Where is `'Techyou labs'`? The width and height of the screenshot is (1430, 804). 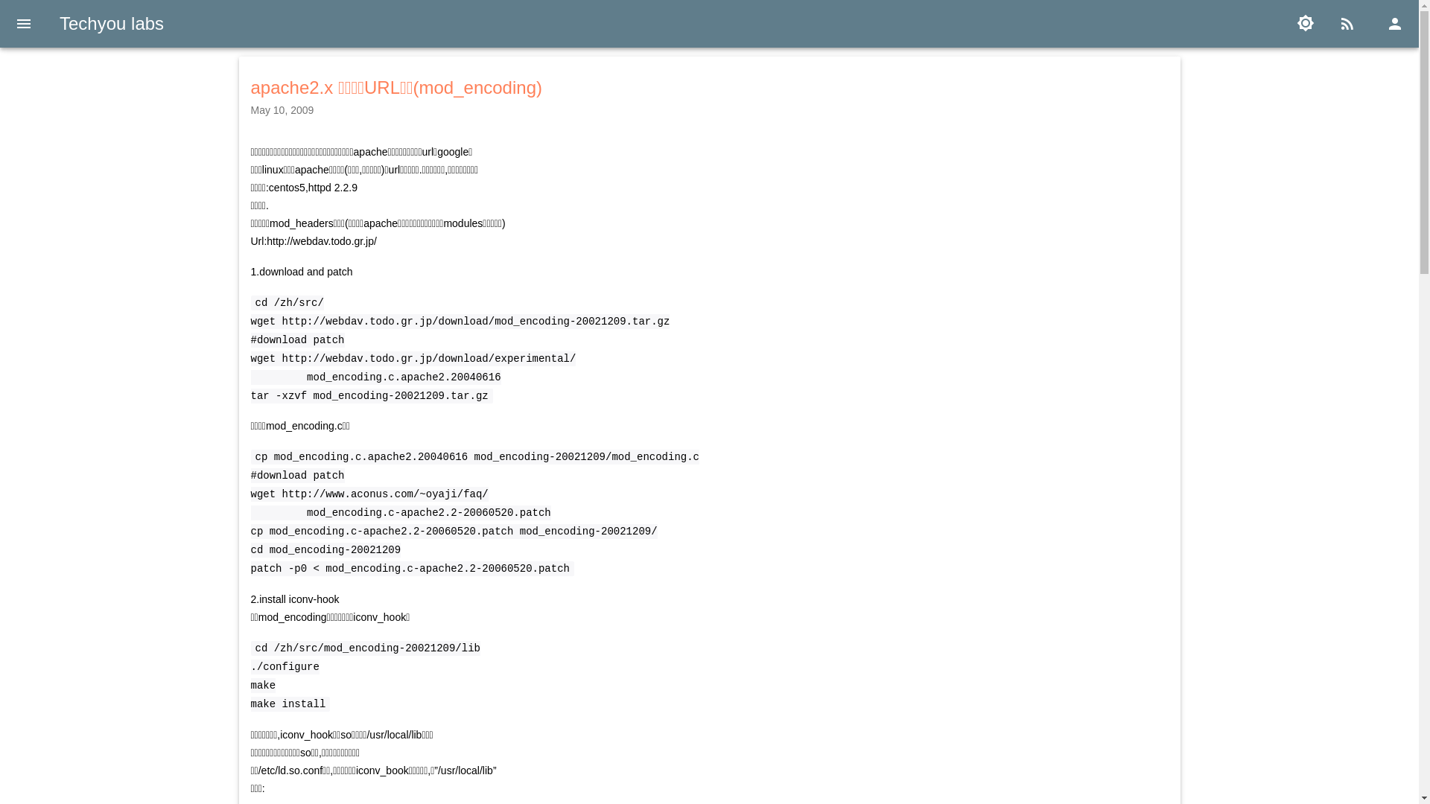
'Techyou labs' is located at coordinates (110, 23).